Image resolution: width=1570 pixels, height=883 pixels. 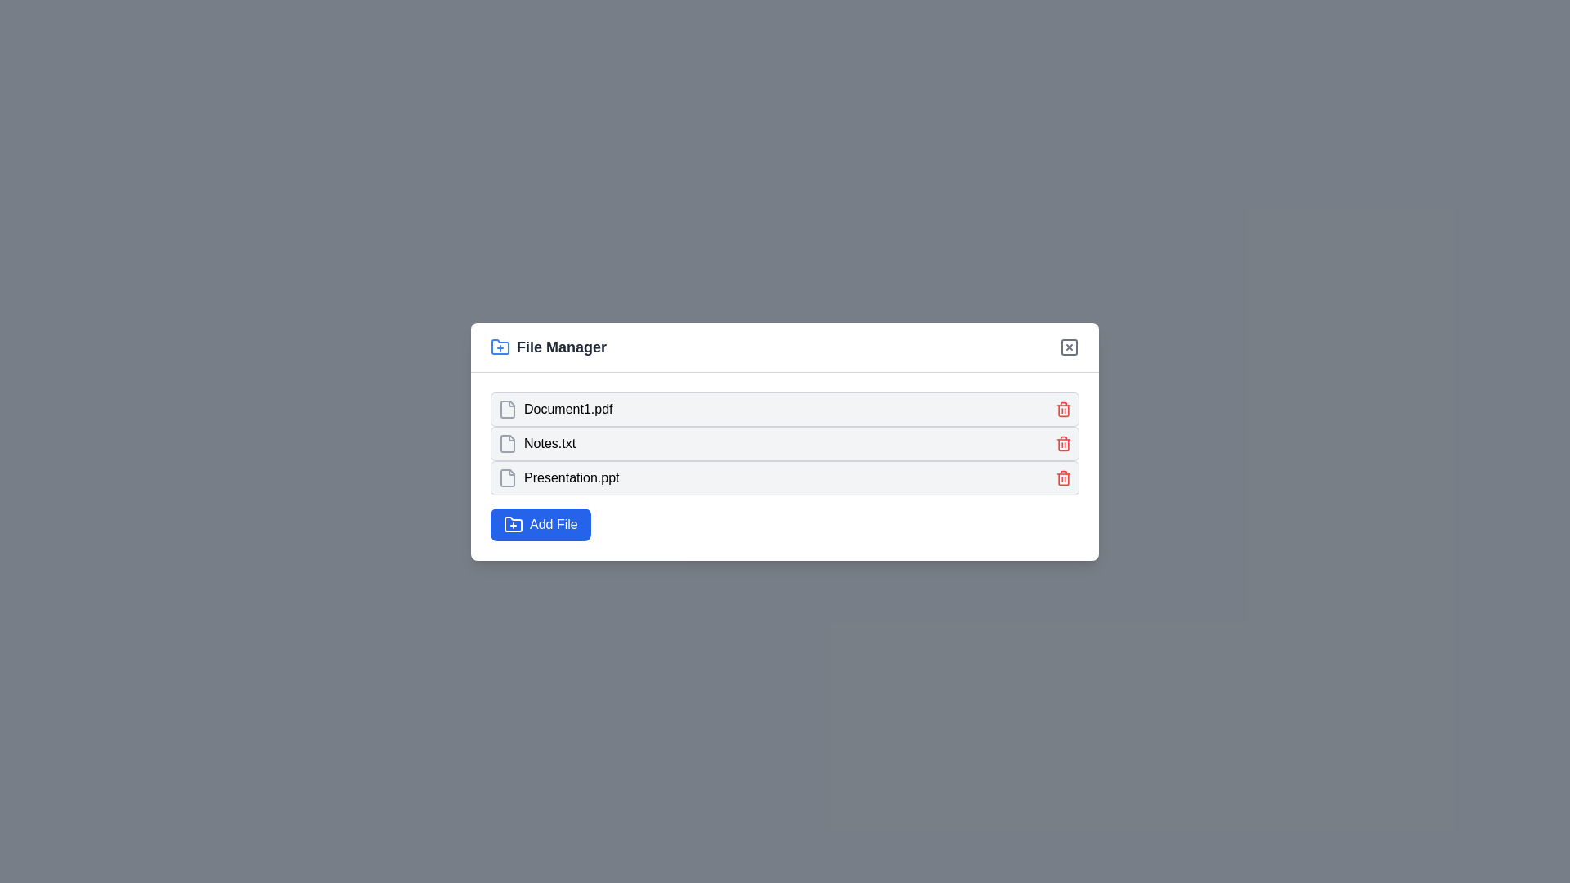 I want to click on the 'Add File' button at the bottom right of the 'File Manager' dialog box, which is visually represented by a blue-colored button for adding or creating a new folder or file, so click(x=513, y=523).